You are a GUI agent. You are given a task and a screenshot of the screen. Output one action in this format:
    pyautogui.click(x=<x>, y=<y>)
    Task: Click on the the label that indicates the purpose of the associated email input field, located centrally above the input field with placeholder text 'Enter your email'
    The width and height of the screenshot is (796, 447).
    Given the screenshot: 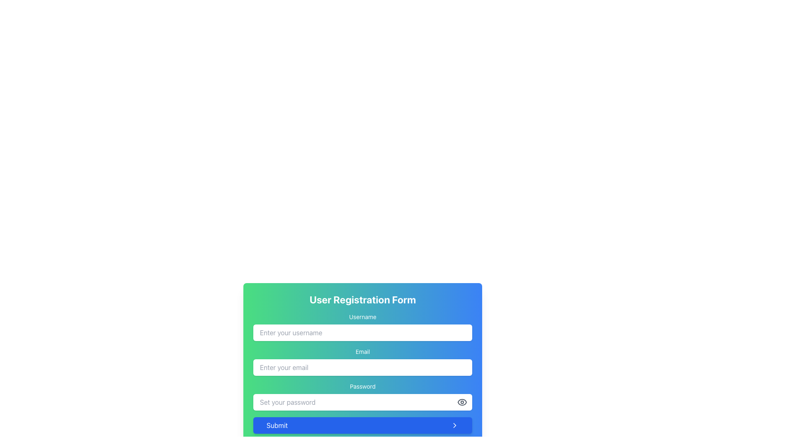 What is the action you would take?
    pyautogui.click(x=362, y=351)
    